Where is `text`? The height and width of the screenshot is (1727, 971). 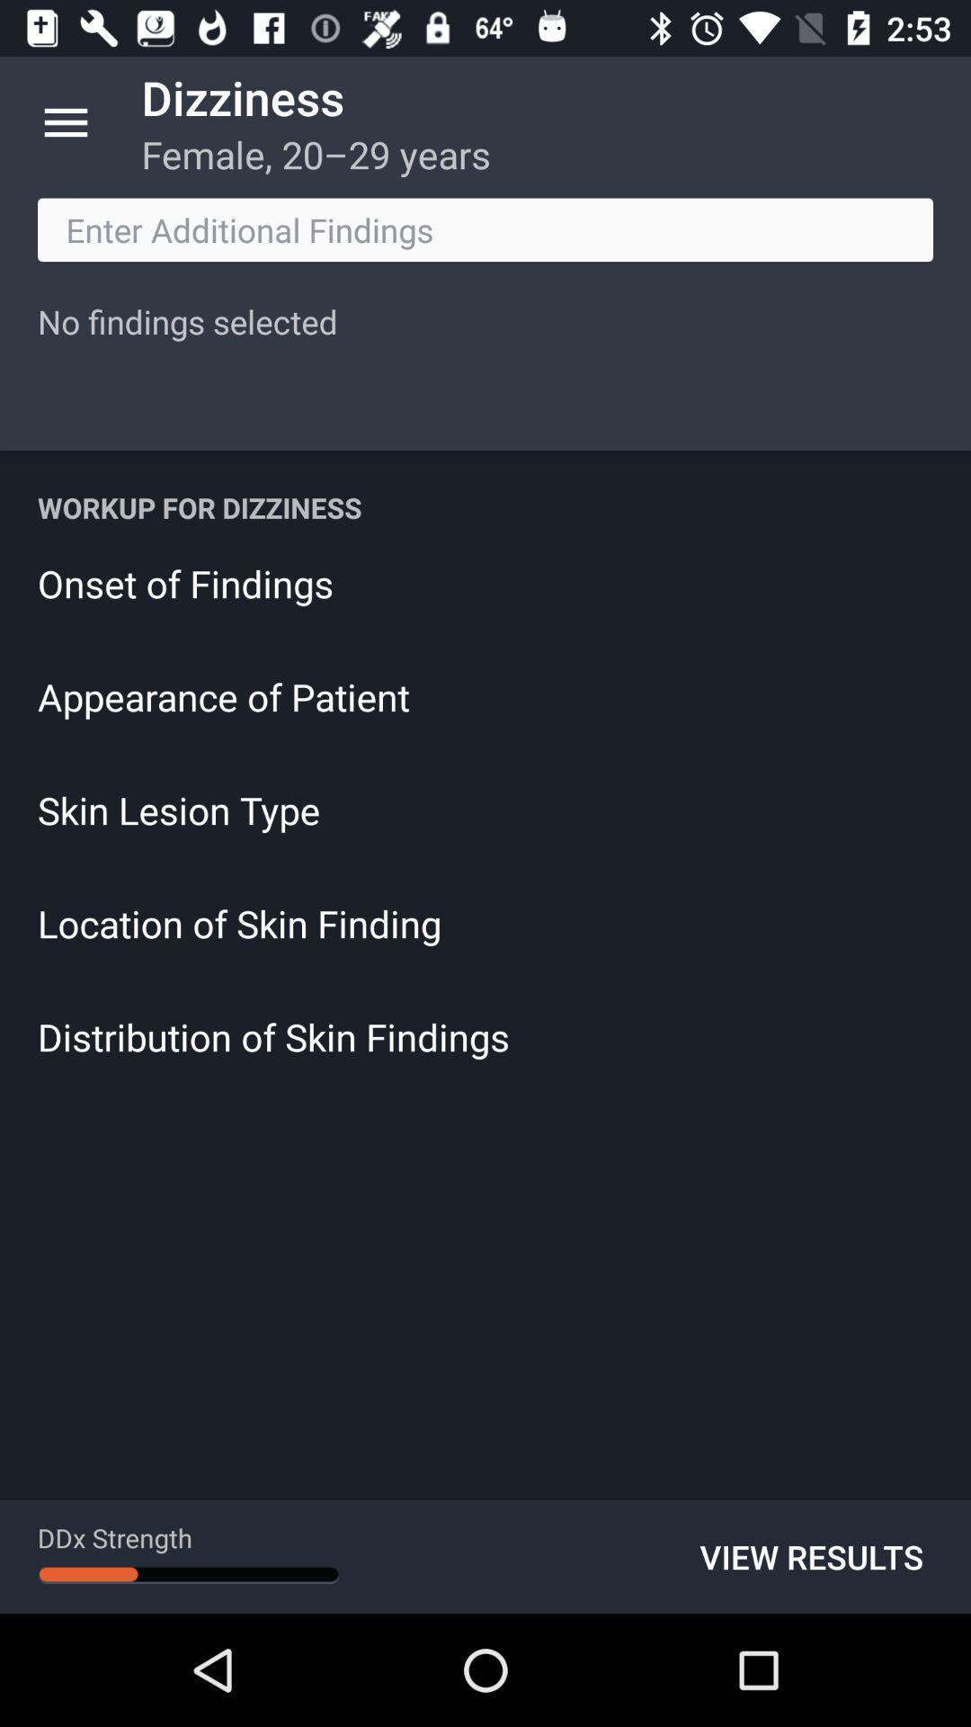 text is located at coordinates (485, 228).